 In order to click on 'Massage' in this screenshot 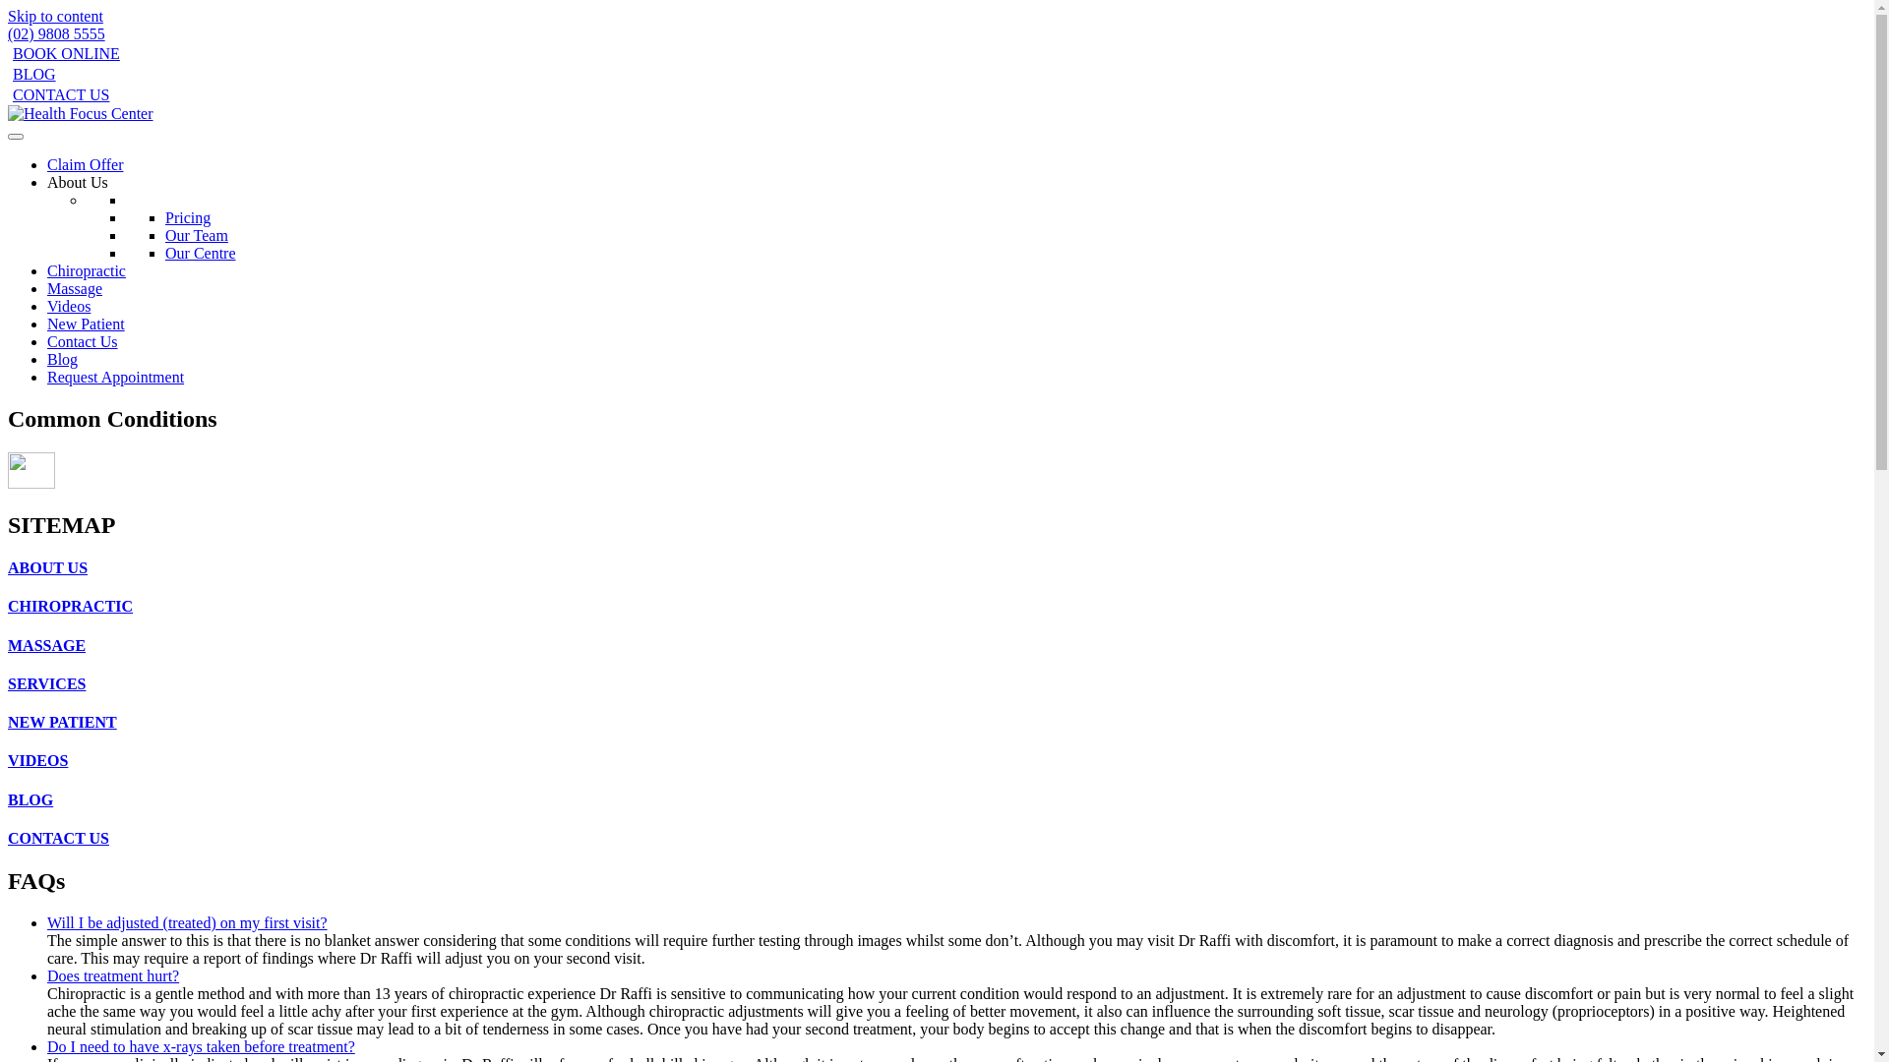, I will do `click(75, 288)`.